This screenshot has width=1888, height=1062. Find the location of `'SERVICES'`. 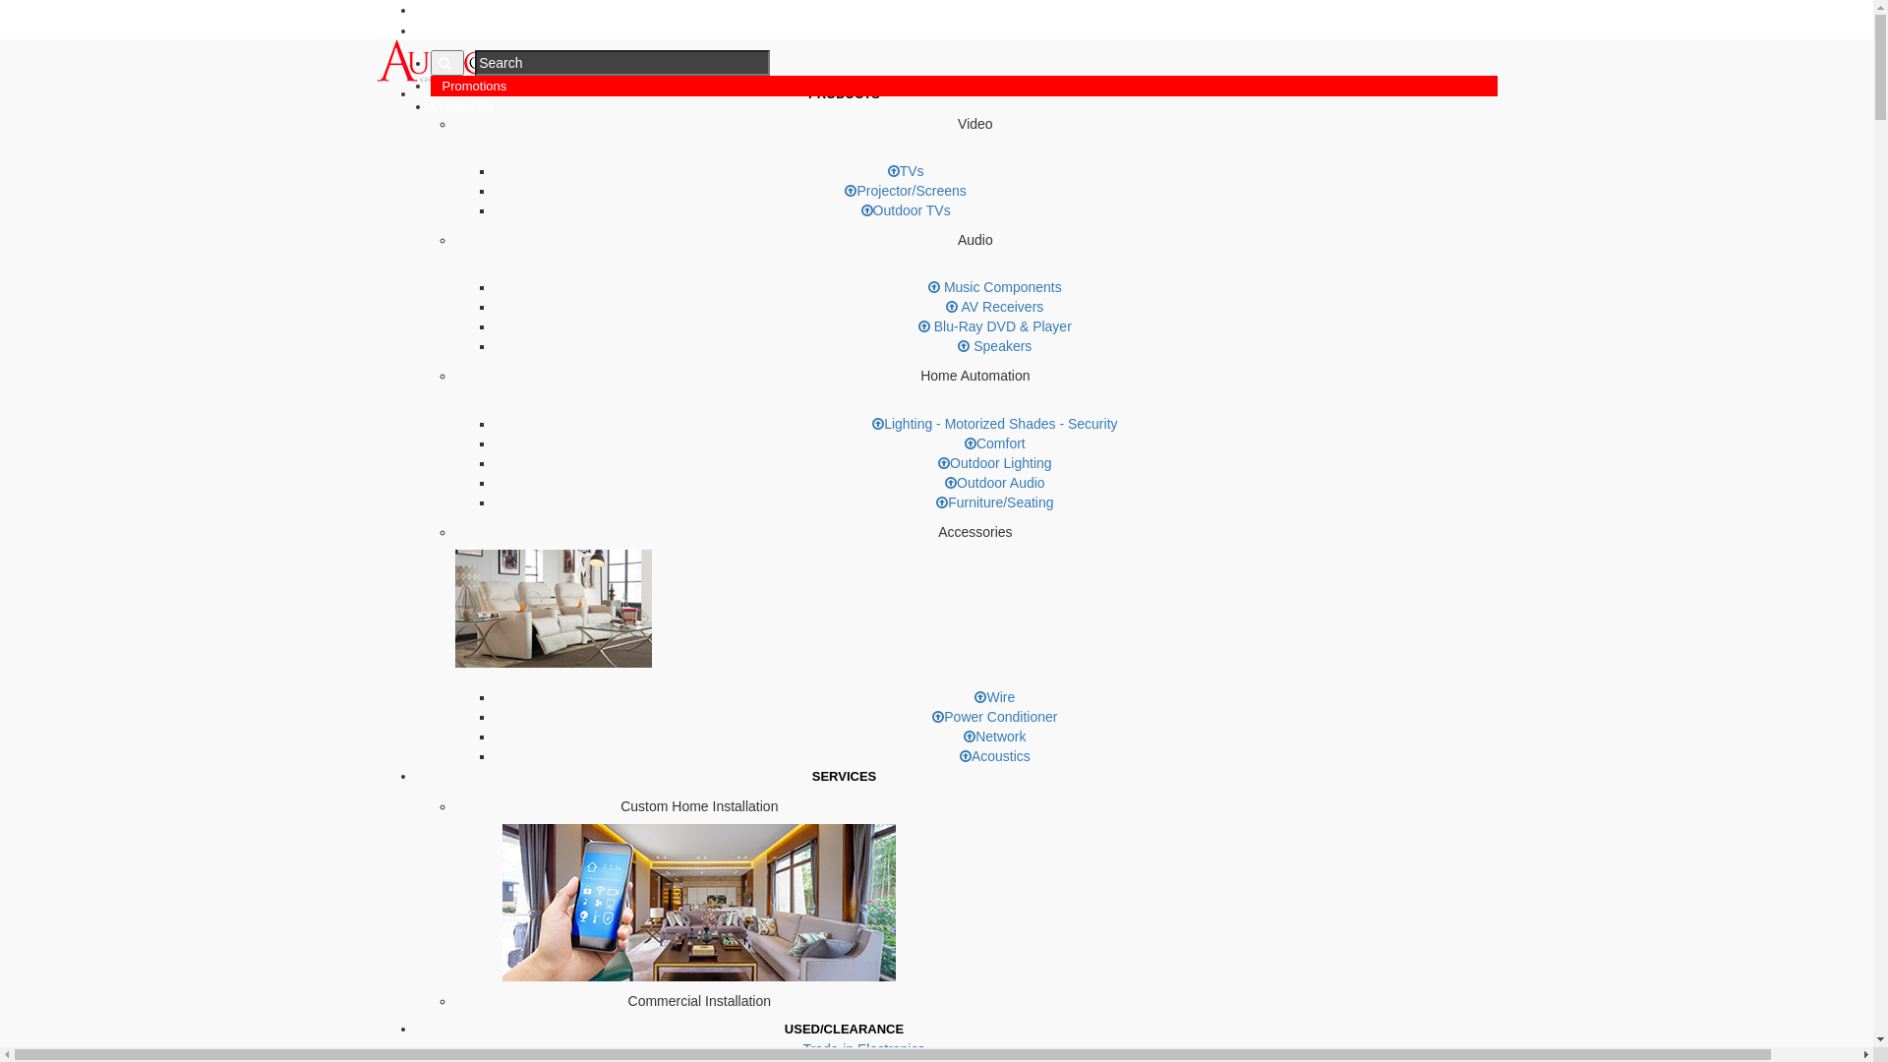

'SERVICES' is located at coordinates (845, 775).